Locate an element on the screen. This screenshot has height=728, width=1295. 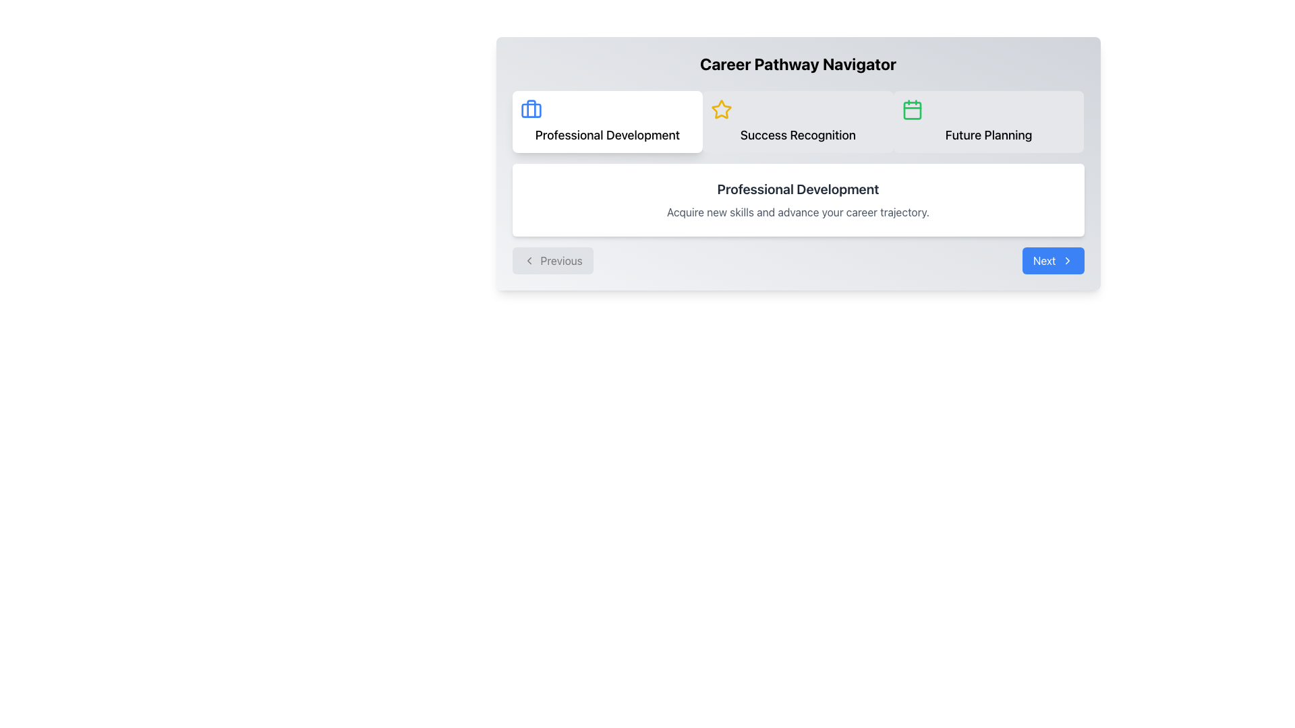
the green-bordered calendar icon, which is the third icon in the row under 'Career Pathway Navigator' is located at coordinates (912, 110).